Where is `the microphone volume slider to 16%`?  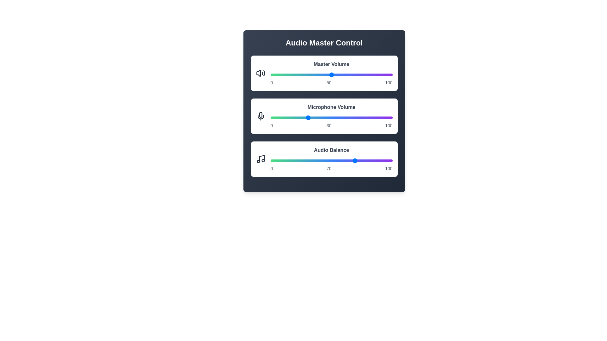 the microphone volume slider to 16% is located at coordinates (290, 118).